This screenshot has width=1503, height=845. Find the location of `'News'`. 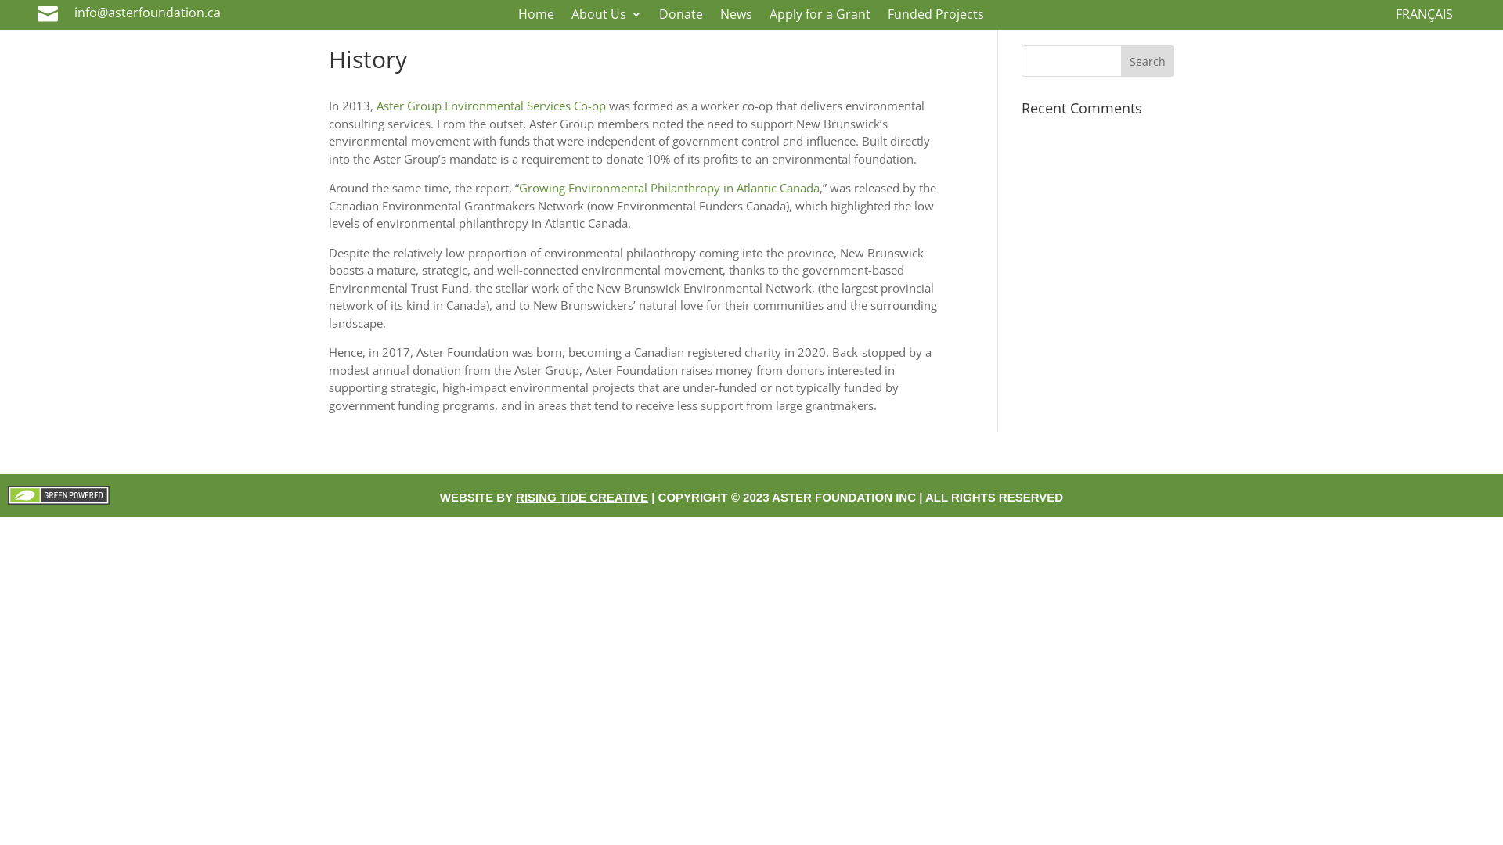

'News' is located at coordinates (735, 17).